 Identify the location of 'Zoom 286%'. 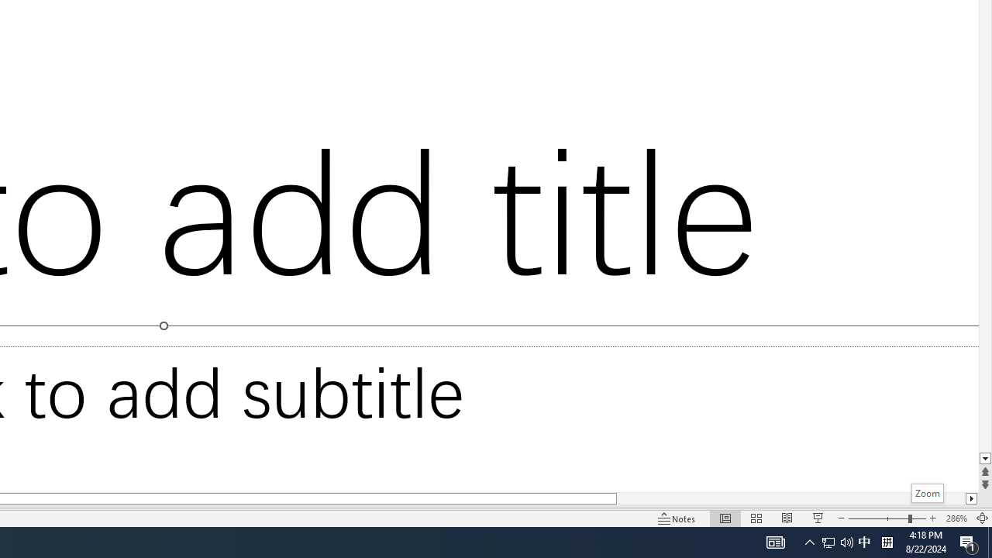
(956, 518).